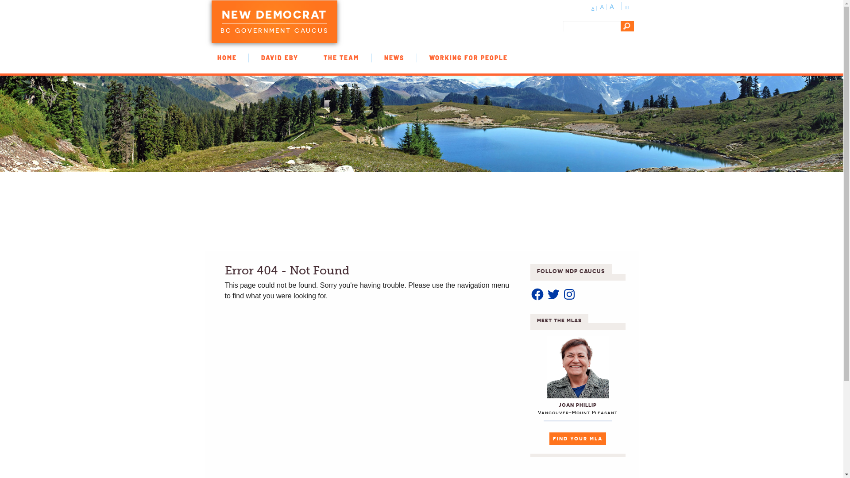  What do you see at coordinates (394, 58) in the screenshot?
I see `'NEWS'` at bounding box center [394, 58].